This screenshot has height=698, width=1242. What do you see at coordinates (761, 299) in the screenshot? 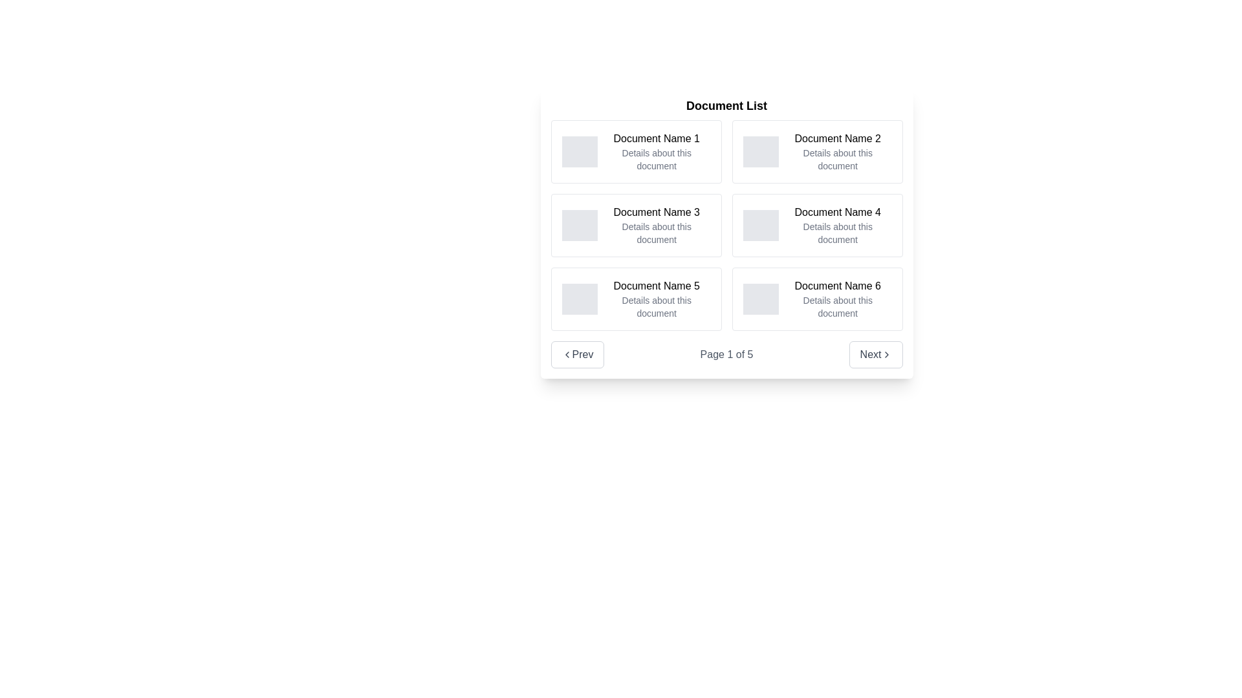
I see `the decorative panel in the lower right cell of the grid layout, labeled 'Document Name 6' with the subtitle 'Details about this document'` at bounding box center [761, 299].